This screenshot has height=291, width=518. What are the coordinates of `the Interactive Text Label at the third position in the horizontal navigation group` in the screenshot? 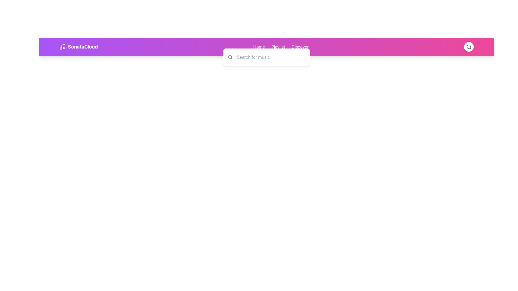 It's located at (300, 46).